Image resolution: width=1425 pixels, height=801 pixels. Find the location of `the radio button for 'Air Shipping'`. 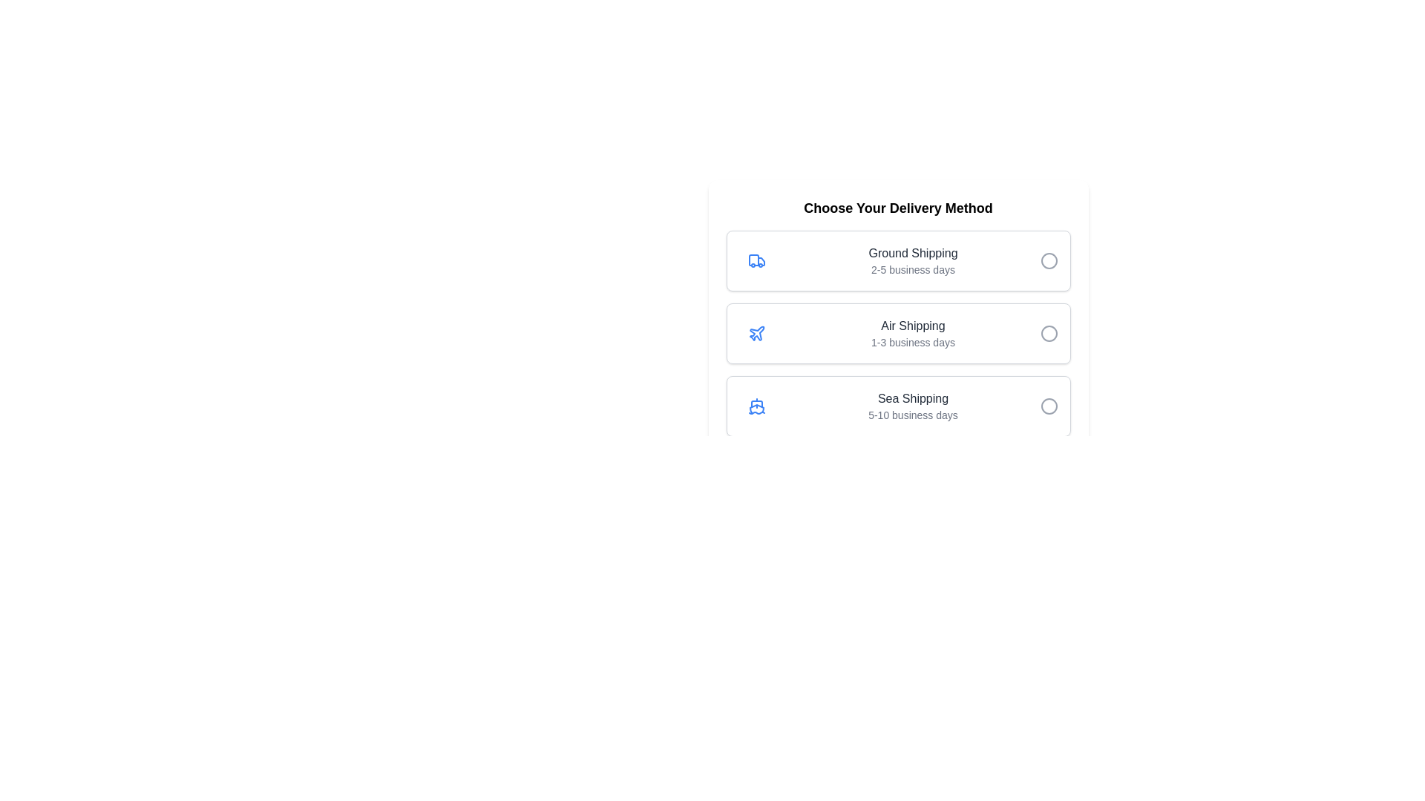

the radio button for 'Air Shipping' is located at coordinates (1048, 334).